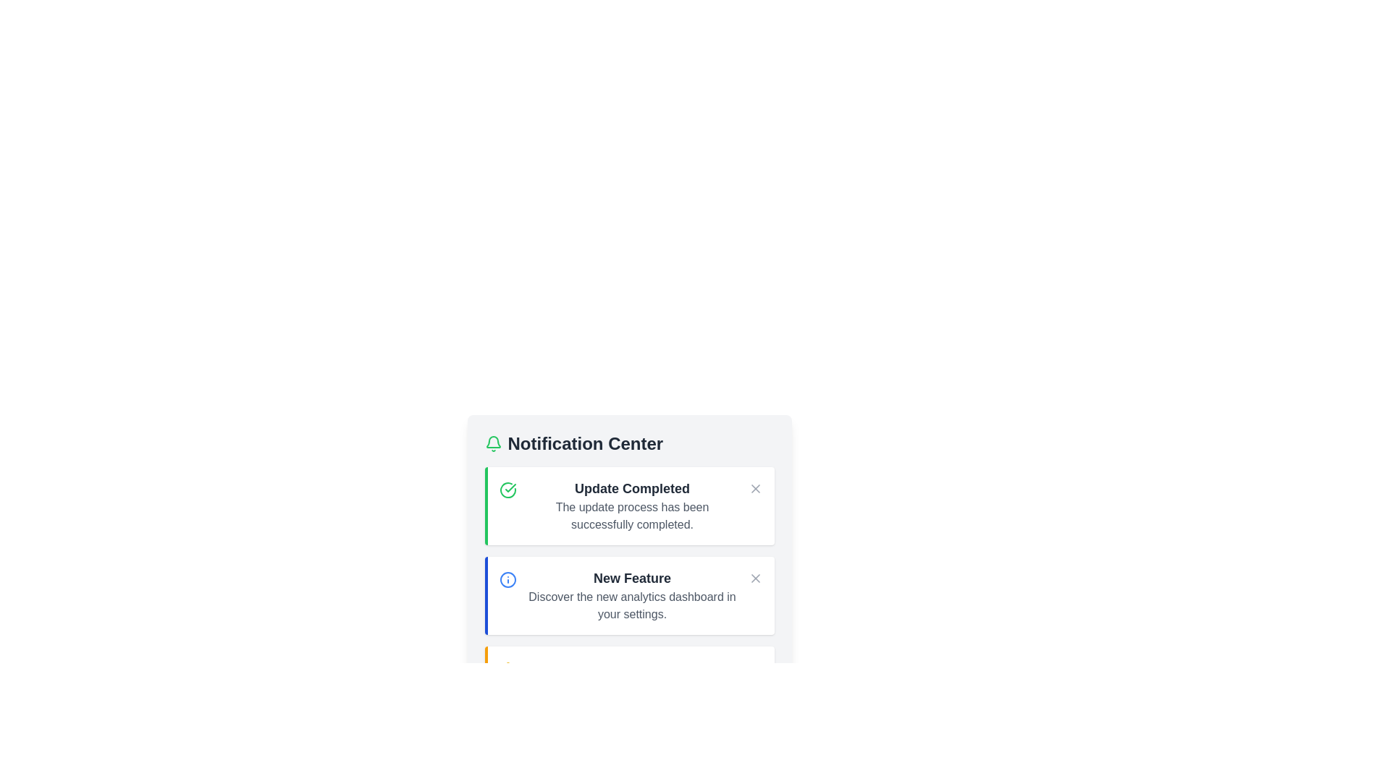 Image resolution: width=1390 pixels, height=781 pixels. I want to click on the static text element in the notification card labeled 'New Feature' that provides information about the new analytics dashboard, so click(632, 605).